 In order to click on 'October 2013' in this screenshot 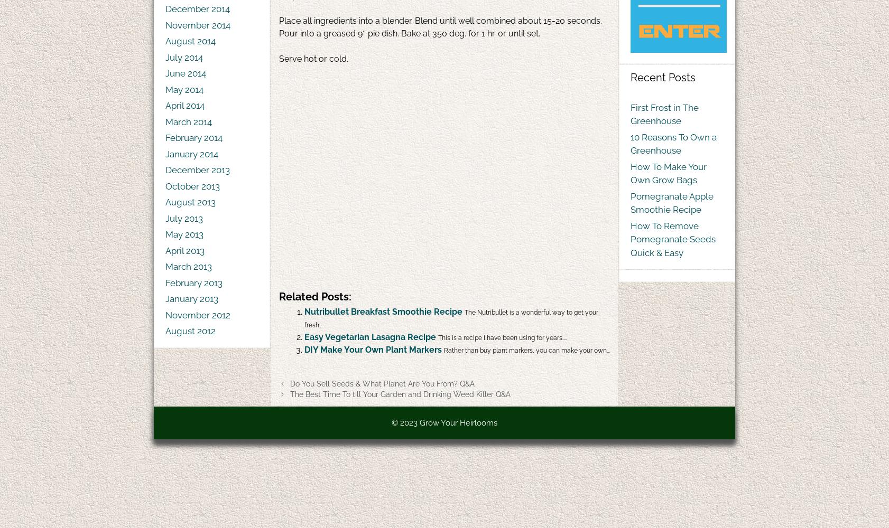, I will do `click(192, 185)`.